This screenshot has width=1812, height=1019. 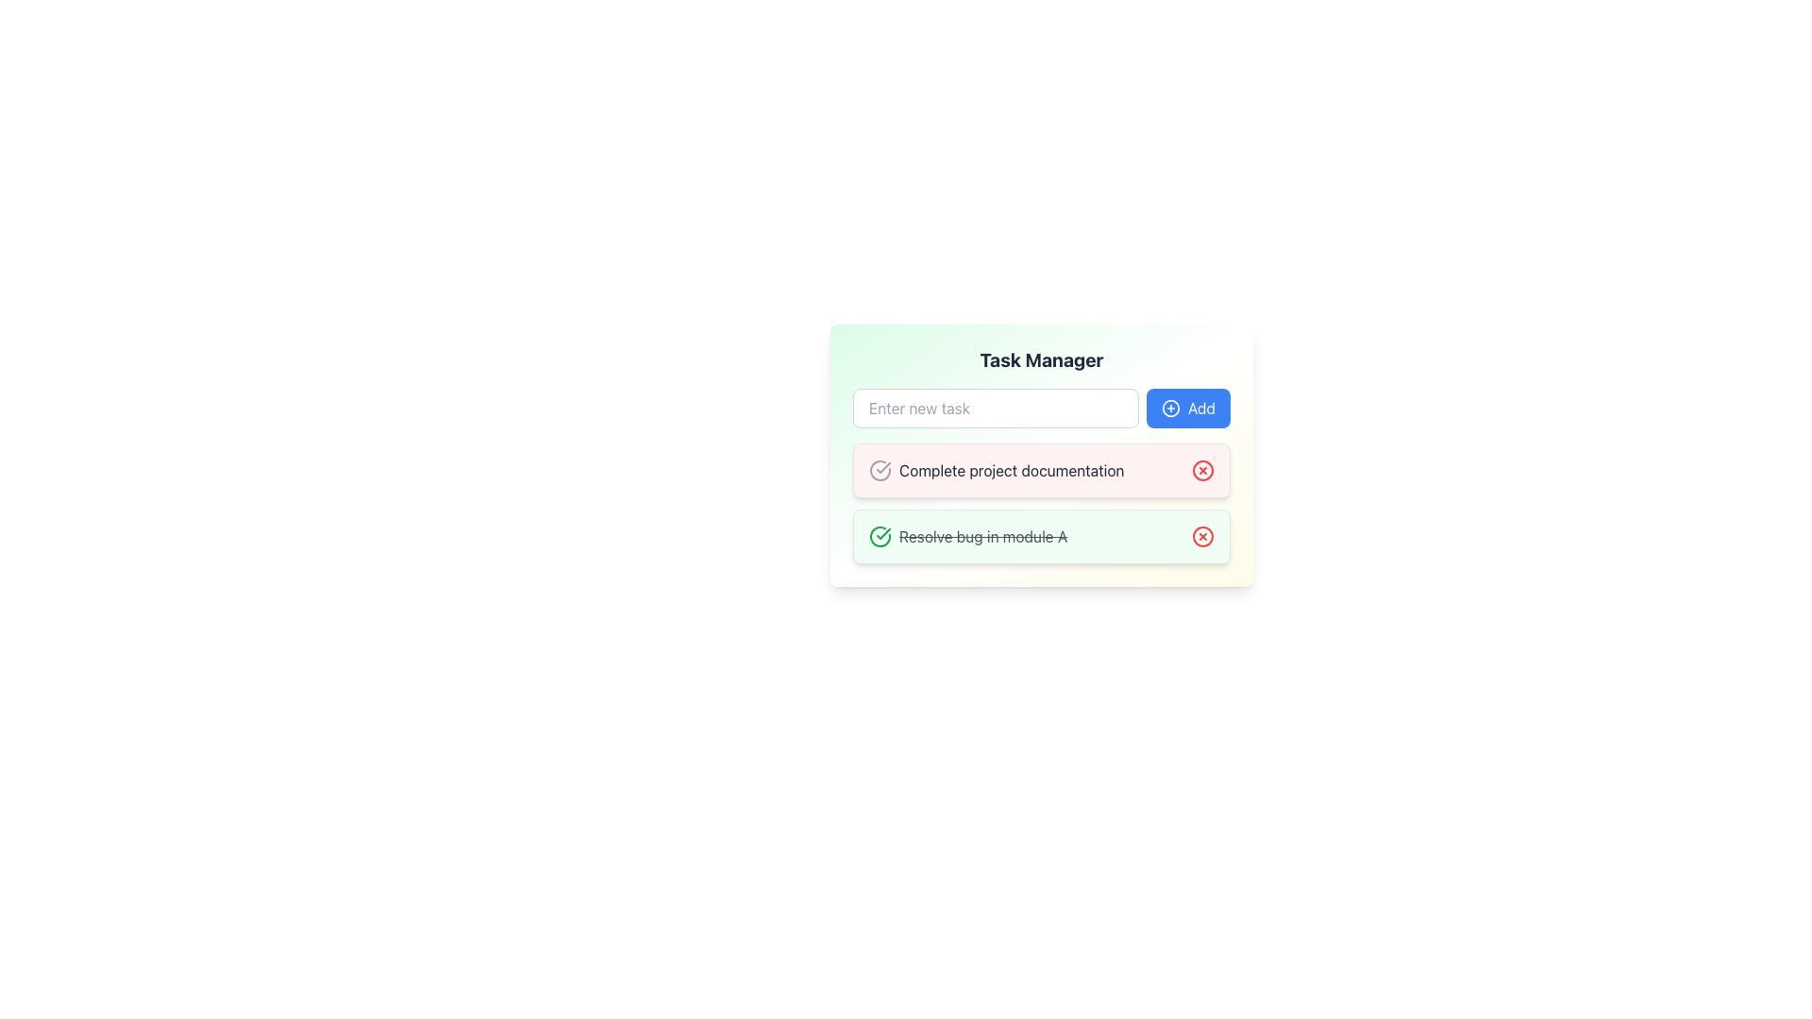 What do you see at coordinates (1169, 407) in the screenshot?
I see `the 'Add' icon located centrally within the blue 'Add' button on the top row of the task manager interface` at bounding box center [1169, 407].